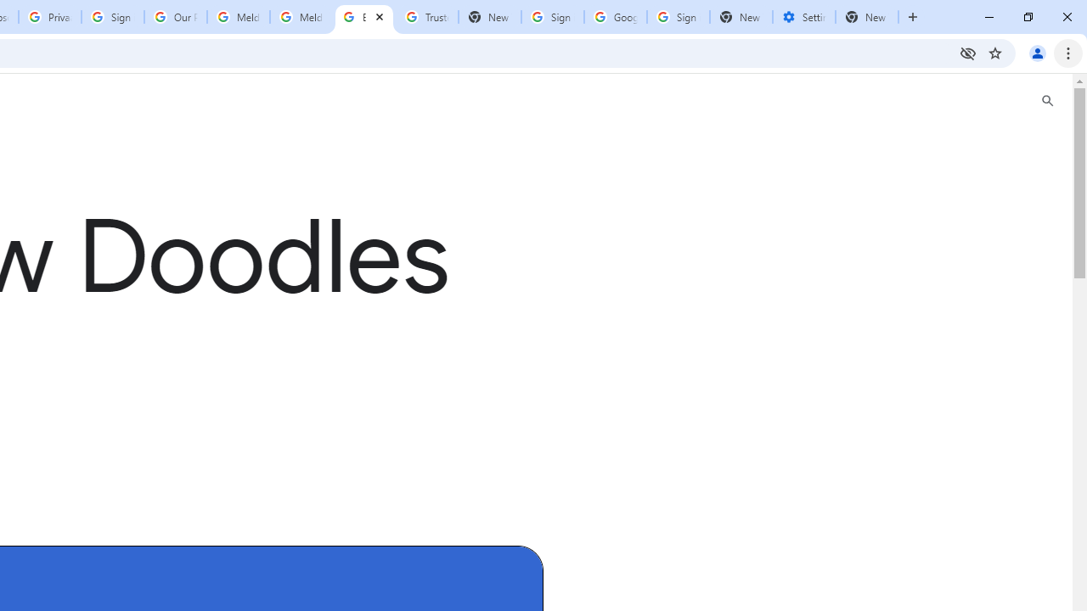 The height and width of the screenshot is (611, 1087). Describe the element at coordinates (1046, 101) in the screenshot. I see `'Search'` at that location.